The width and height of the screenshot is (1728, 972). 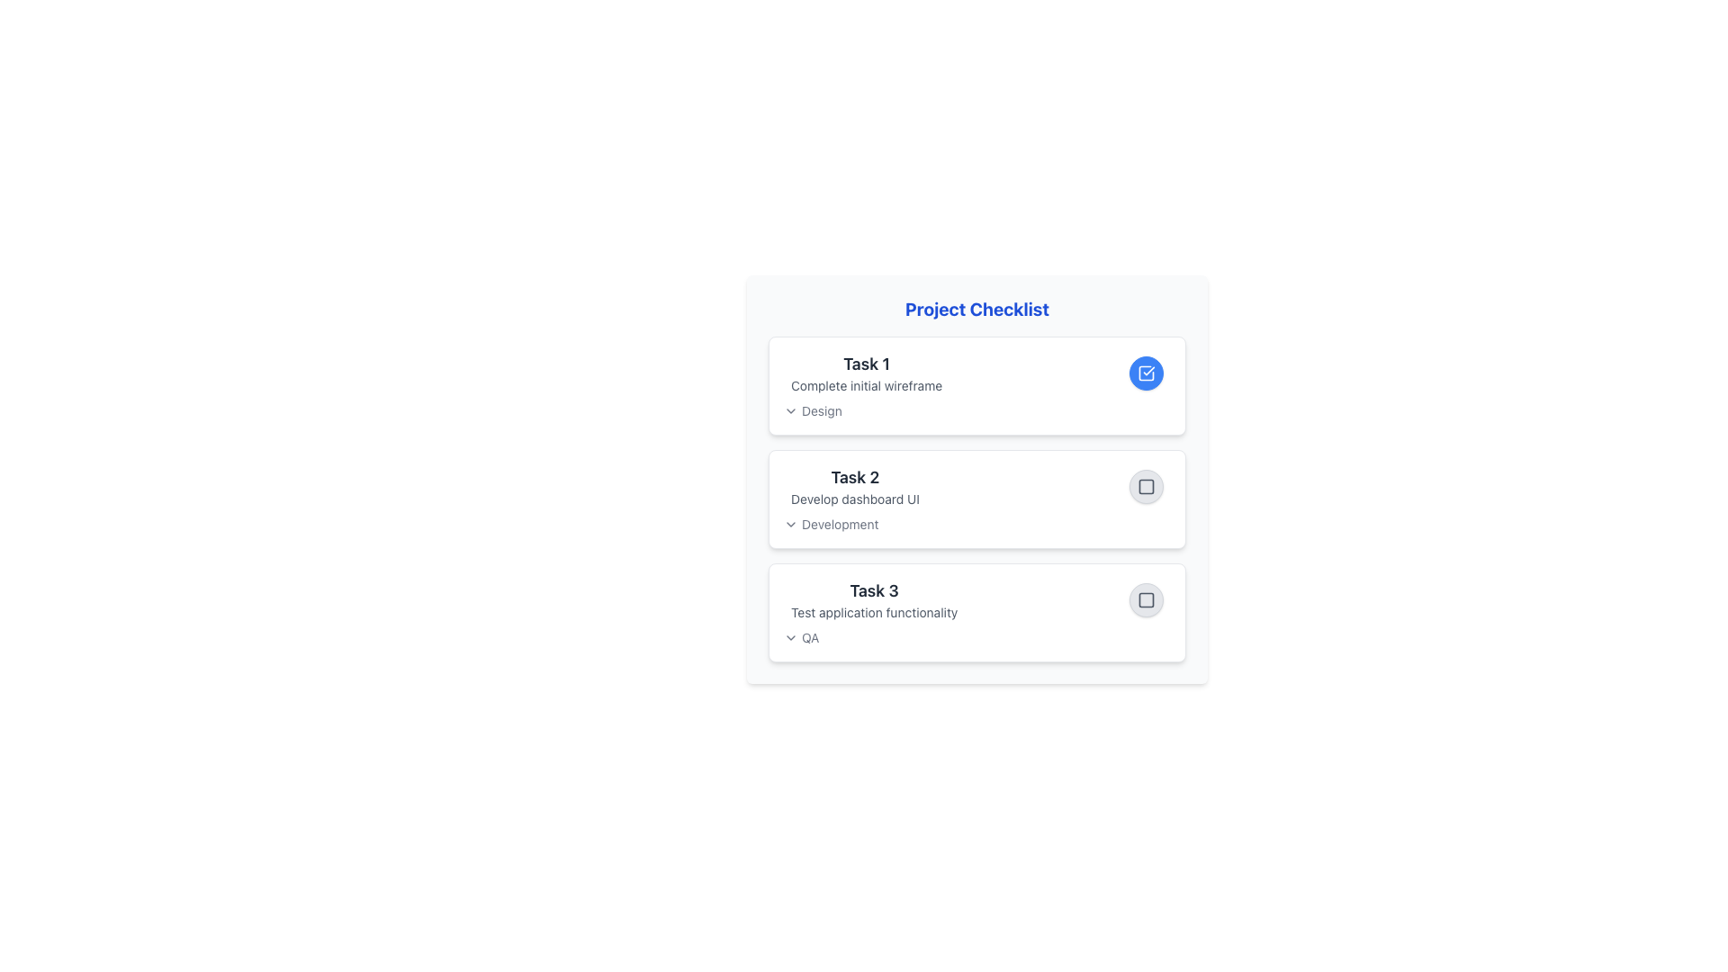 What do you see at coordinates (867, 364) in the screenshot?
I see `the static text label element that displays 'Task 1', which is bold and black, located at the upper-left corner of the first task card in the checklist interface` at bounding box center [867, 364].